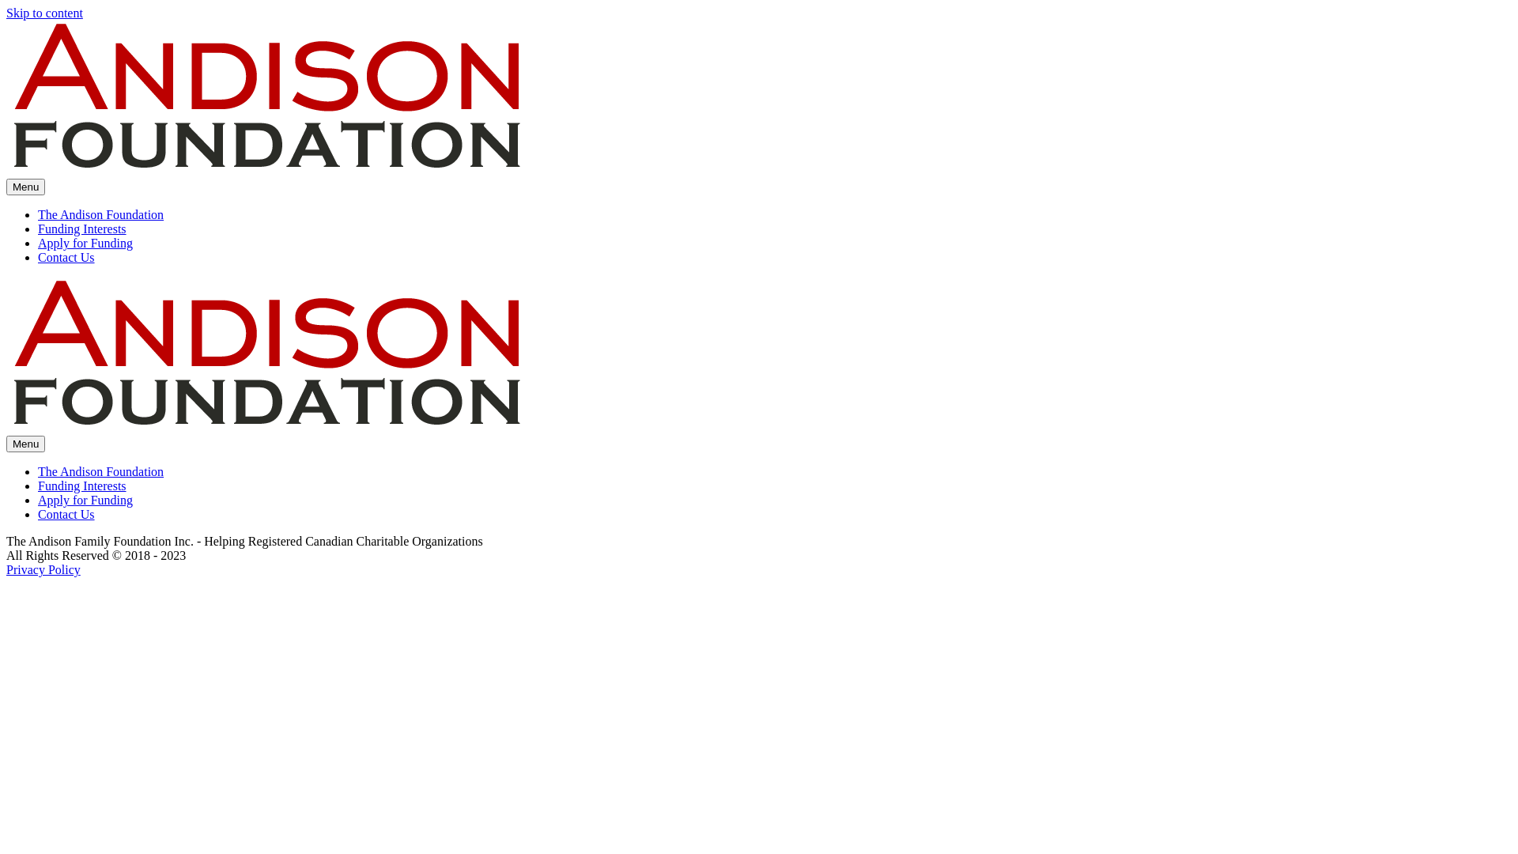 The width and height of the screenshot is (1518, 854). What do you see at coordinates (100, 214) in the screenshot?
I see `'The Andison Foundation'` at bounding box center [100, 214].